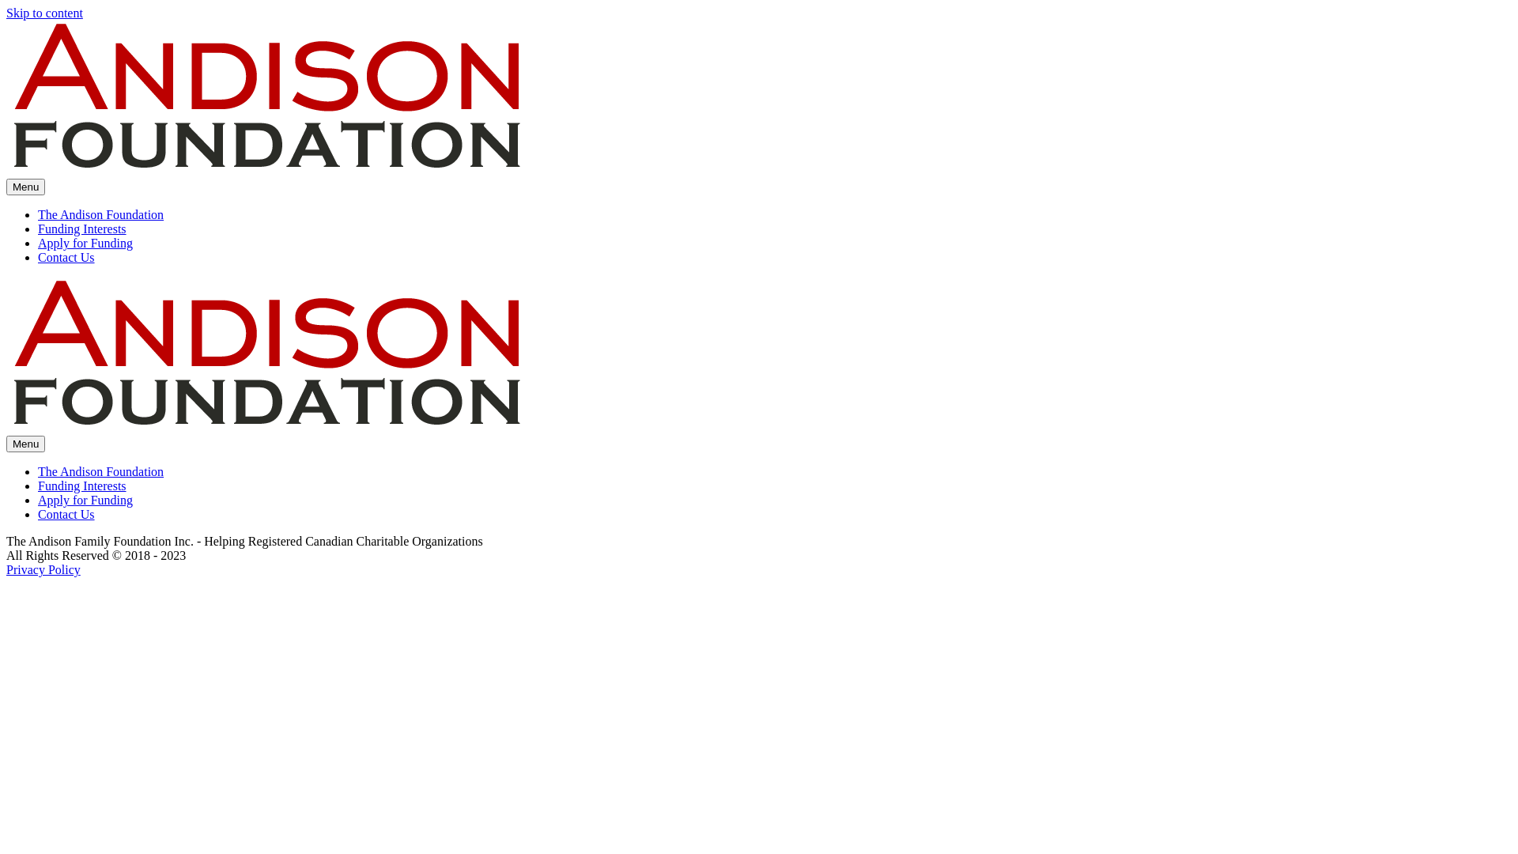 The width and height of the screenshot is (1518, 854). What do you see at coordinates (100, 214) in the screenshot?
I see `'The Andison Foundation'` at bounding box center [100, 214].